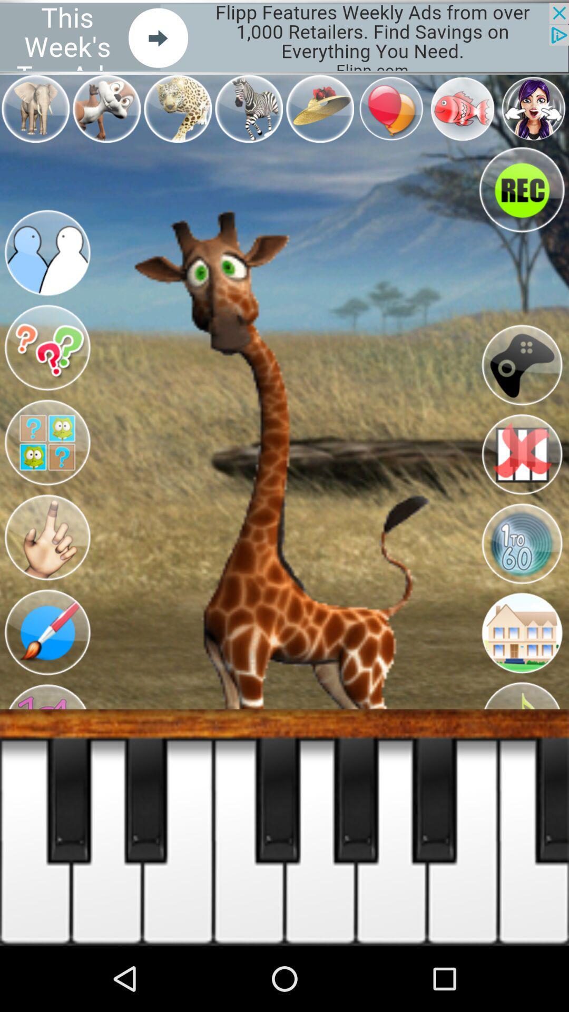  I want to click on fifth image on right from top, so click(522, 544).